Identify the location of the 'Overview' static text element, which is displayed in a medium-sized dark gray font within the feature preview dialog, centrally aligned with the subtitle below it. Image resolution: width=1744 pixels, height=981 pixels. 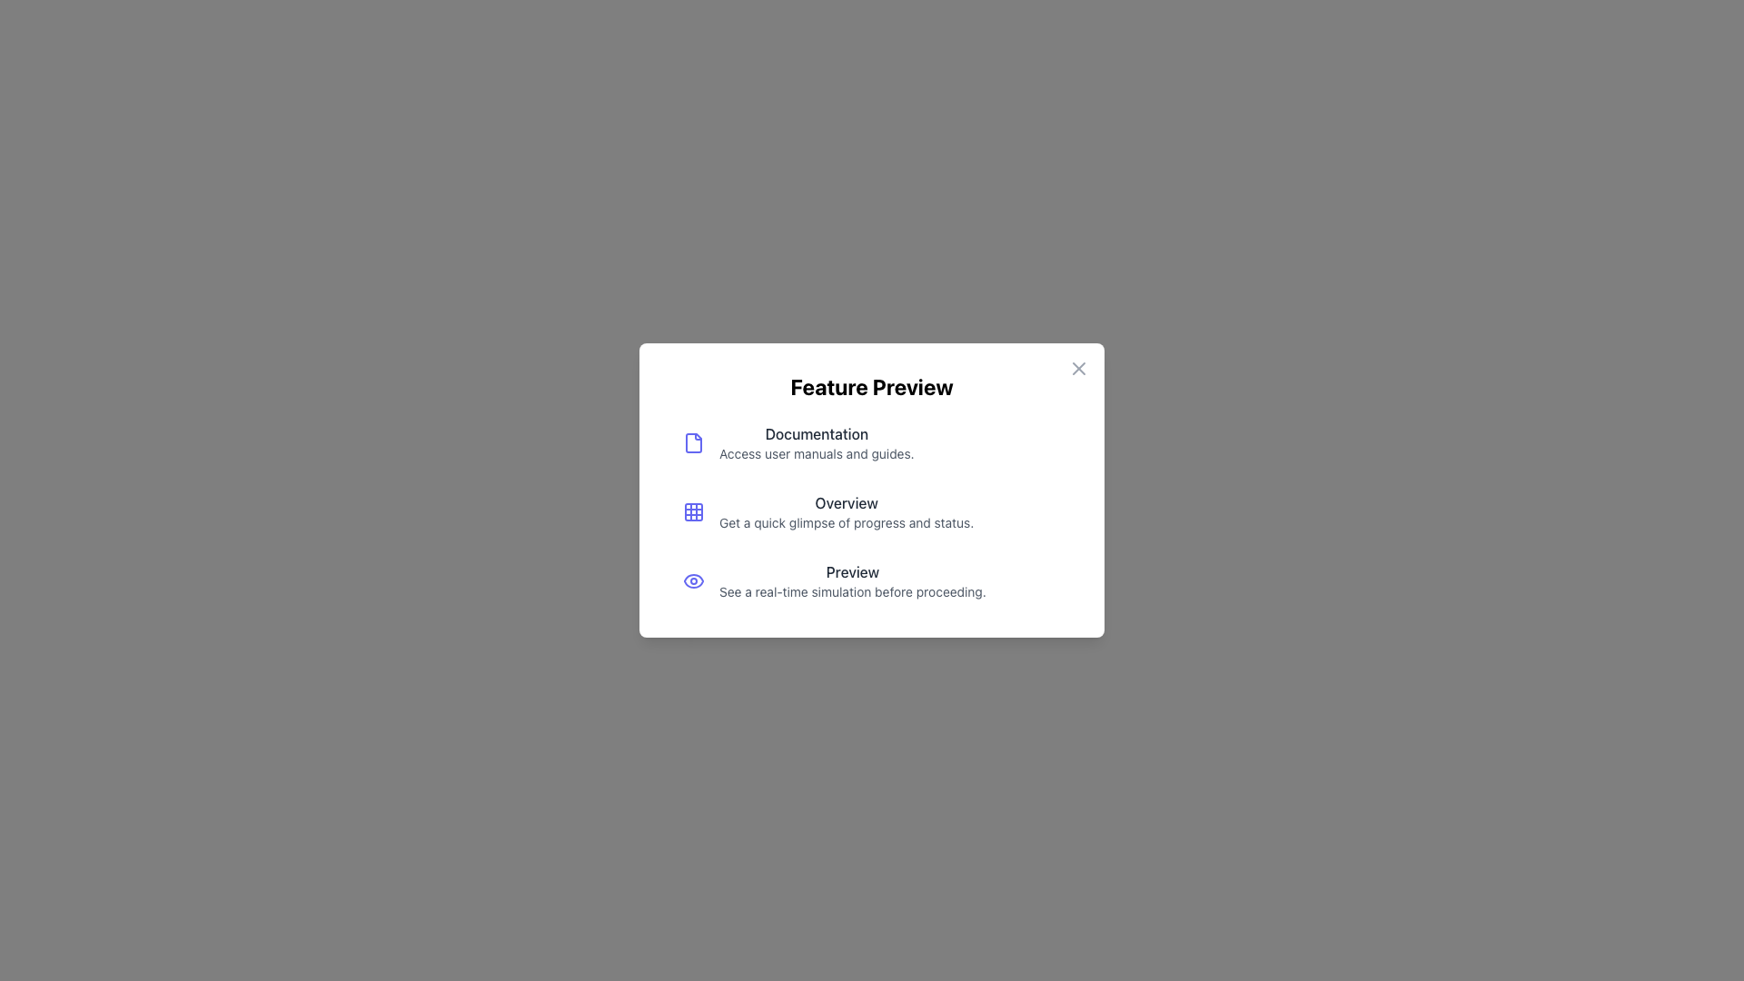
(846, 503).